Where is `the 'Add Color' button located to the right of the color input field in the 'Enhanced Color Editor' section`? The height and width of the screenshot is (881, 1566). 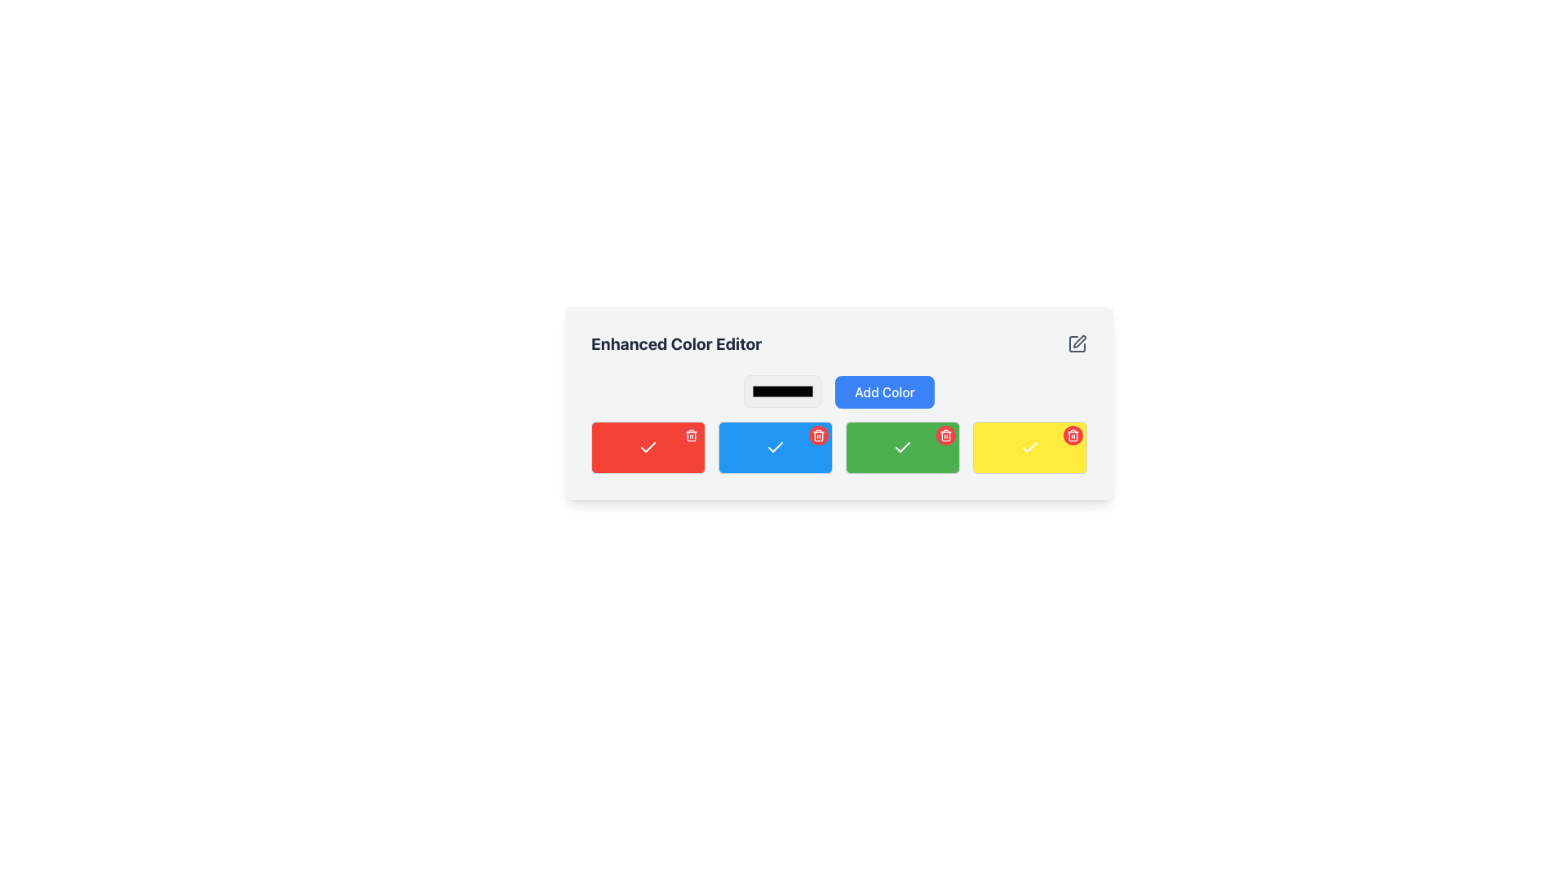 the 'Add Color' button located to the right of the color input field in the 'Enhanced Color Editor' section is located at coordinates (883, 392).